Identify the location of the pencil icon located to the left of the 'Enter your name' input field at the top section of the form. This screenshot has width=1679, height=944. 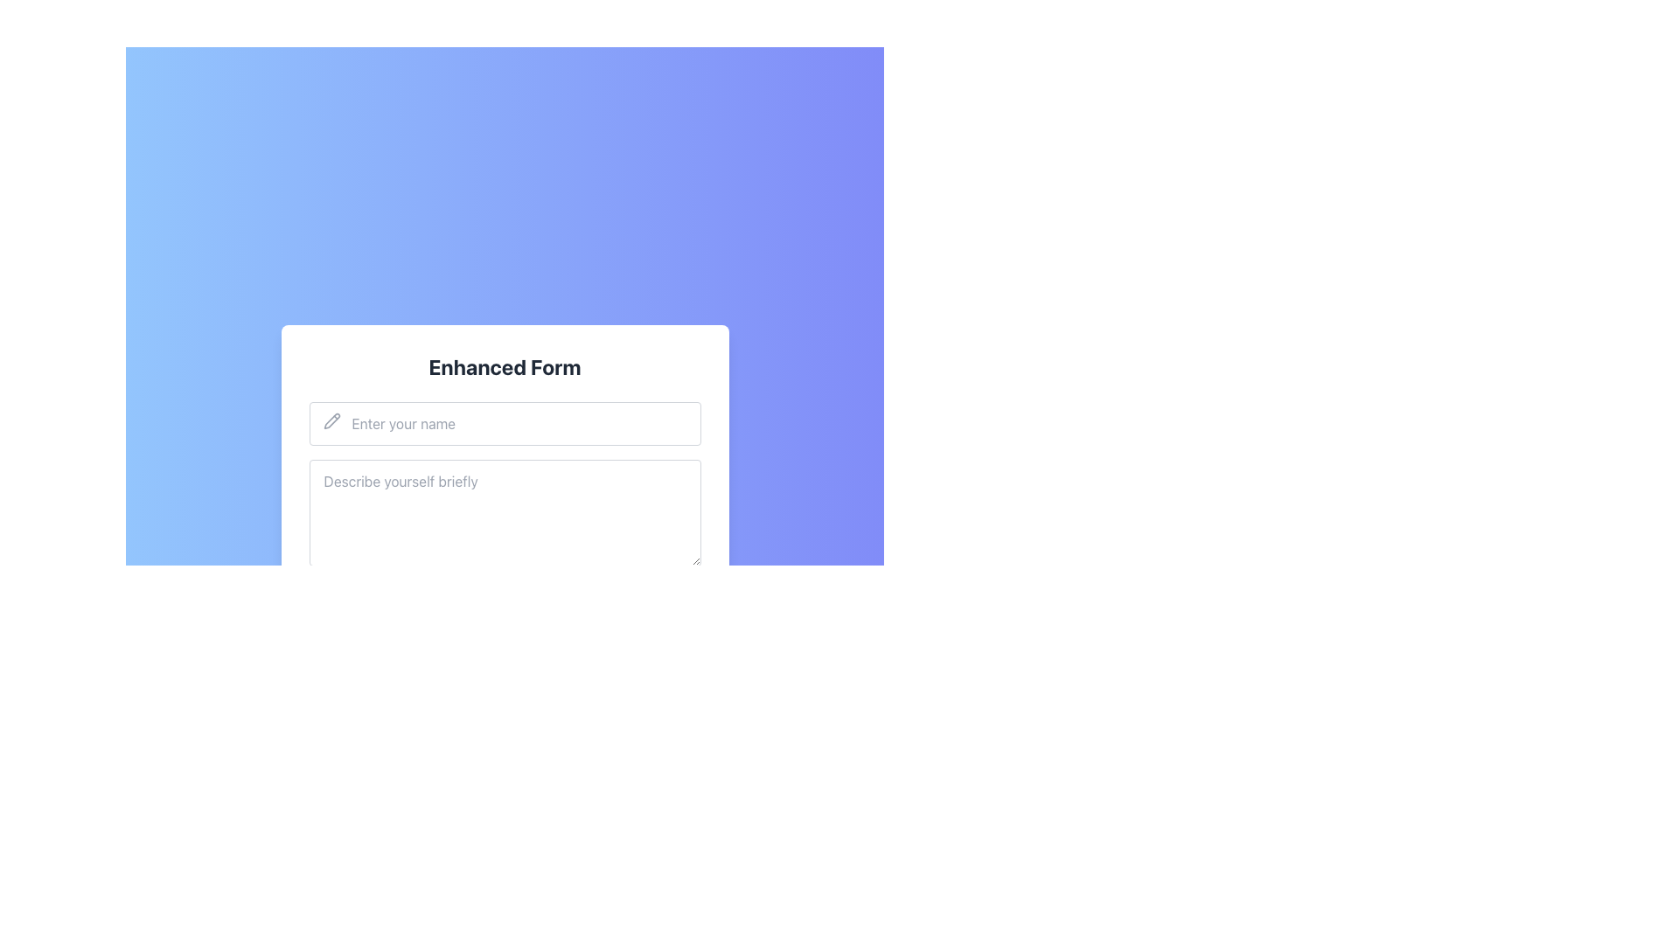
(331, 421).